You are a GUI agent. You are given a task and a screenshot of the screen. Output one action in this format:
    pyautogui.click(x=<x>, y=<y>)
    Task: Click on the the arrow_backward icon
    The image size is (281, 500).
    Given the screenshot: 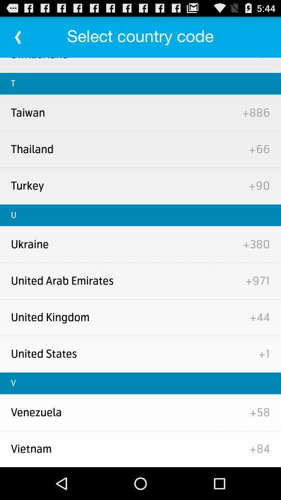 What is the action you would take?
    pyautogui.click(x=20, y=39)
    